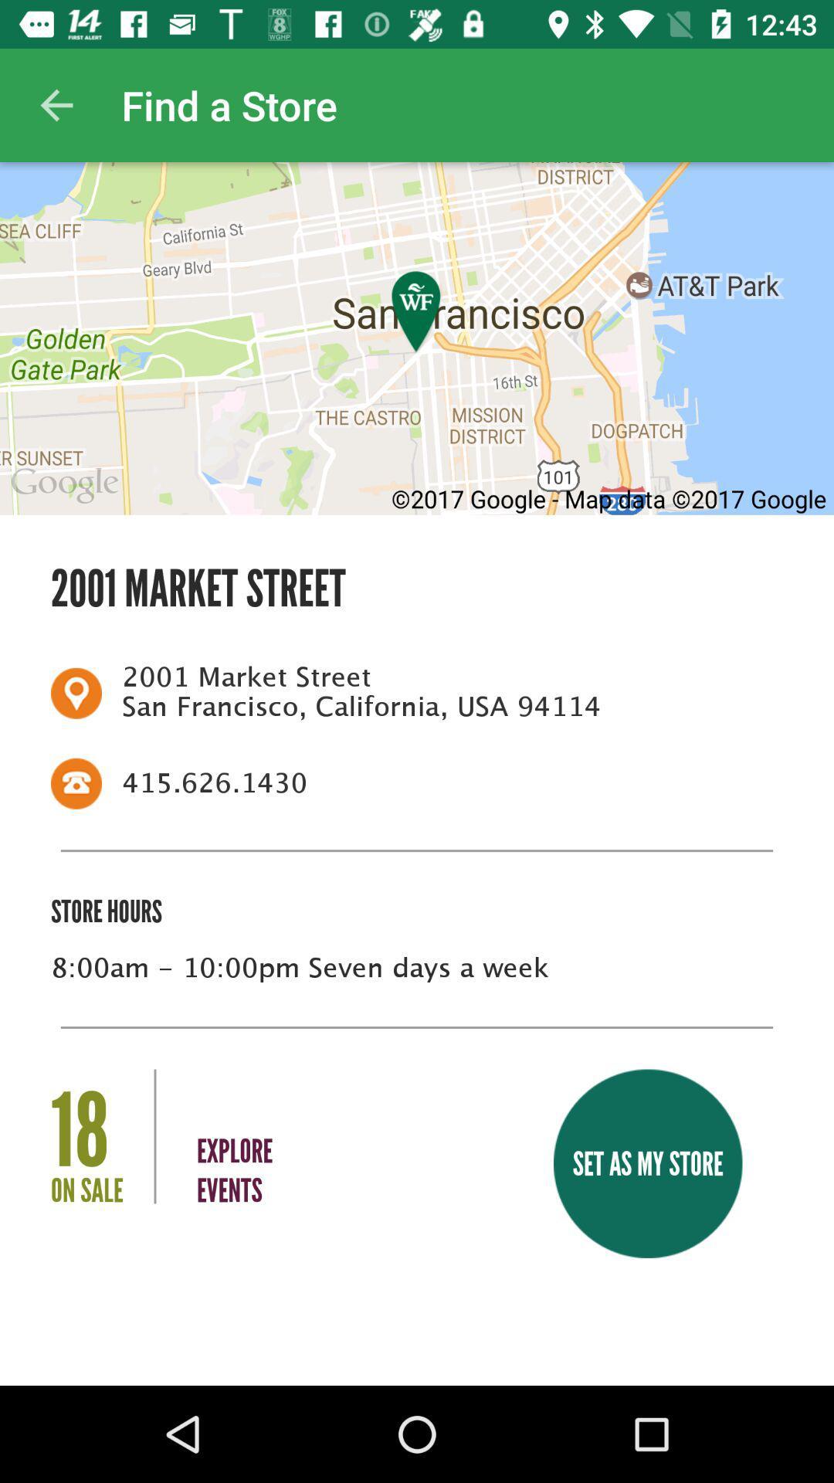 The height and width of the screenshot is (1483, 834). I want to click on the 415.626.1430, so click(442, 783).